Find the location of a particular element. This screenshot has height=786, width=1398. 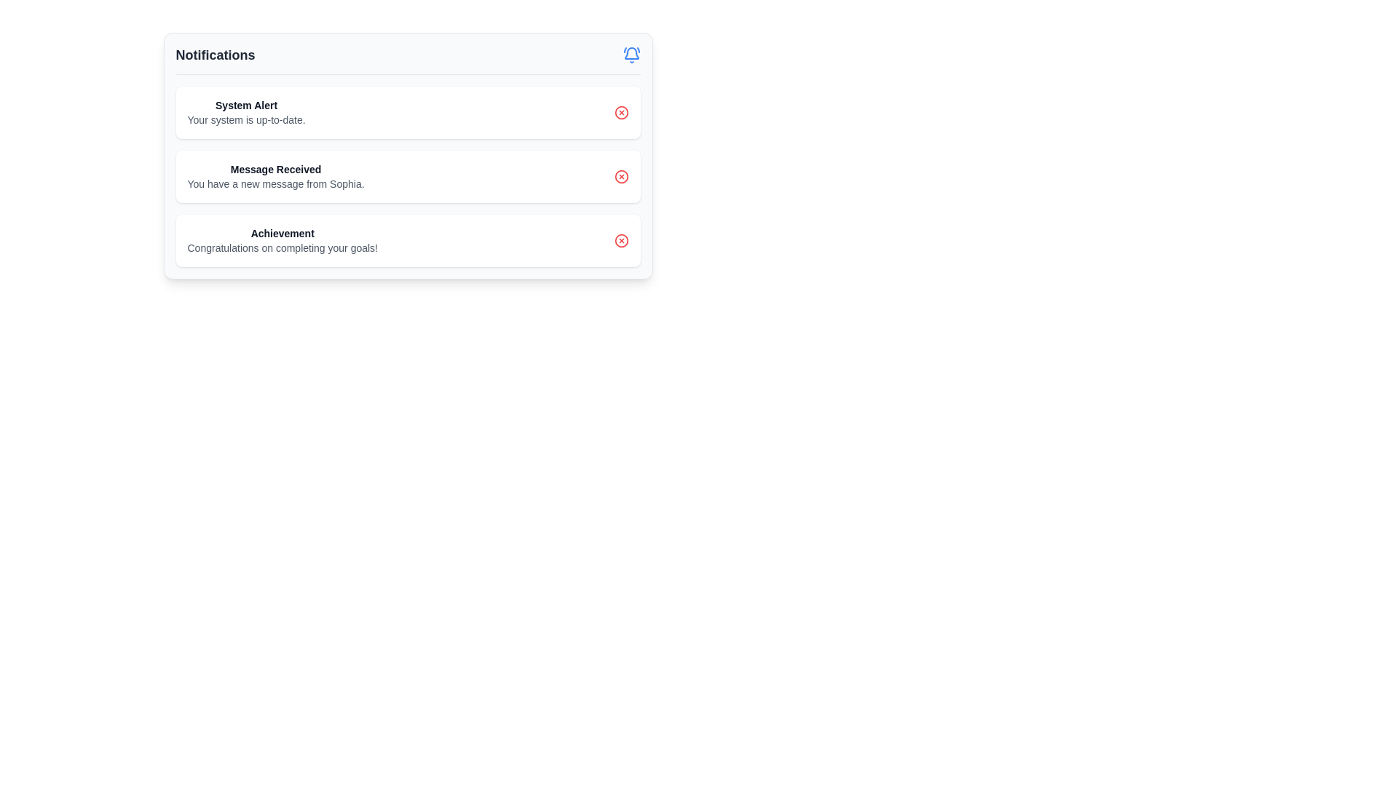

the notification card titled 'Message Received' that contains the content 'You have a new message from Sophia.' This card is the second in a vertical list of notifications, positioned between 'System Alert' and 'Achievement' is located at coordinates (408, 156).